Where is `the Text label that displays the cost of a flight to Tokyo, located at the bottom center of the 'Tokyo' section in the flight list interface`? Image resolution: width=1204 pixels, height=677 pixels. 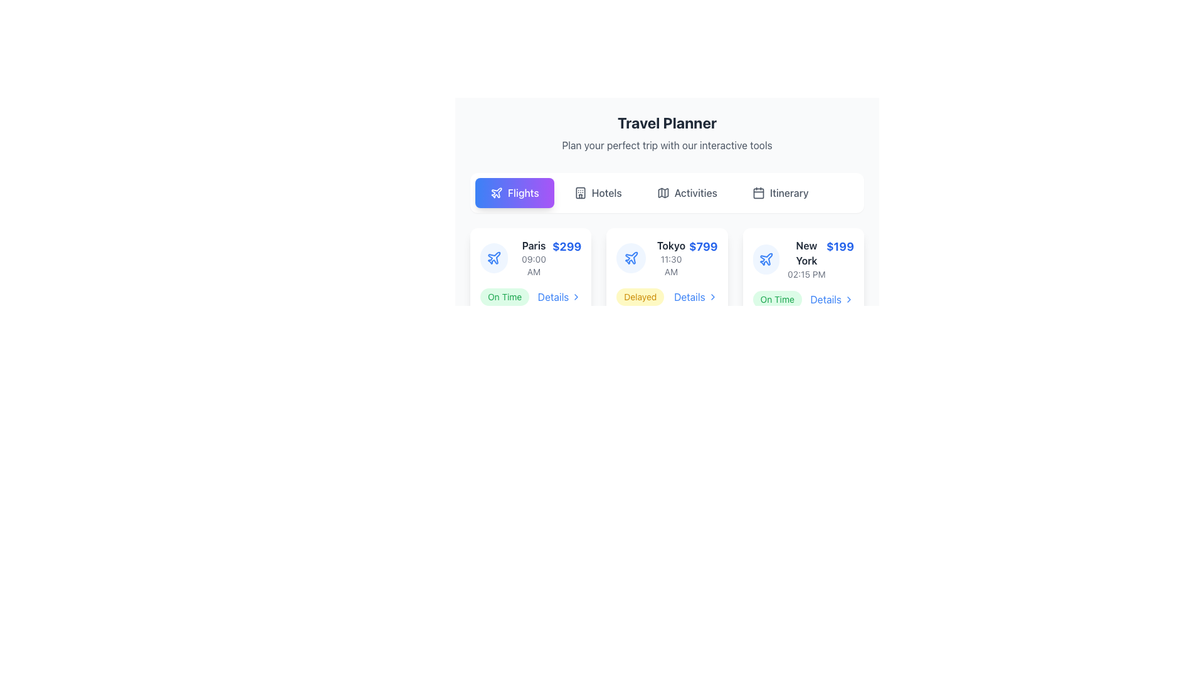
the Text label that displays the cost of a flight to Tokyo, located at the bottom center of the 'Tokyo' section in the flight list interface is located at coordinates (703, 246).